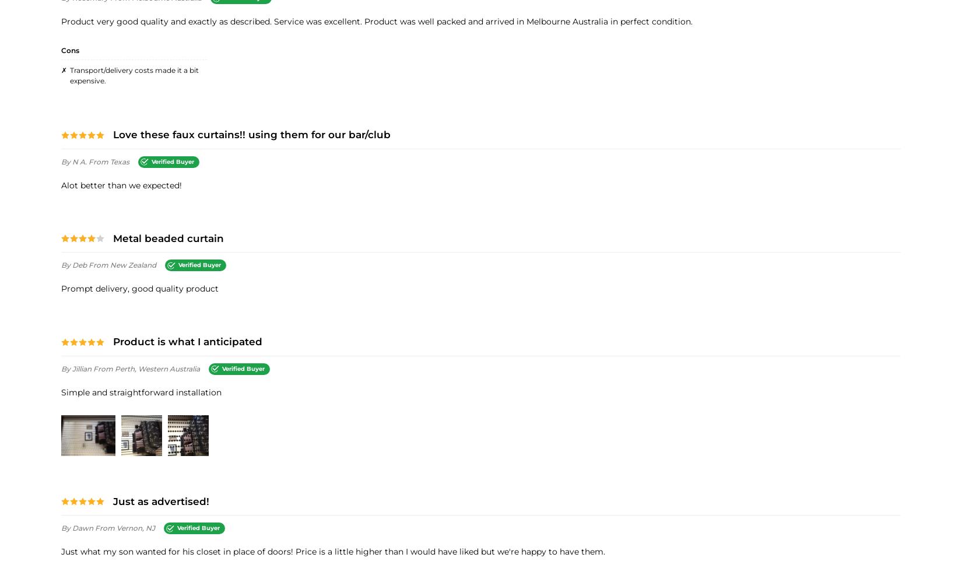 This screenshot has width=962, height=568. What do you see at coordinates (140, 288) in the screenshot?
I see `'Prompt delivery, good quality product'` at bounding box center [140, 288].